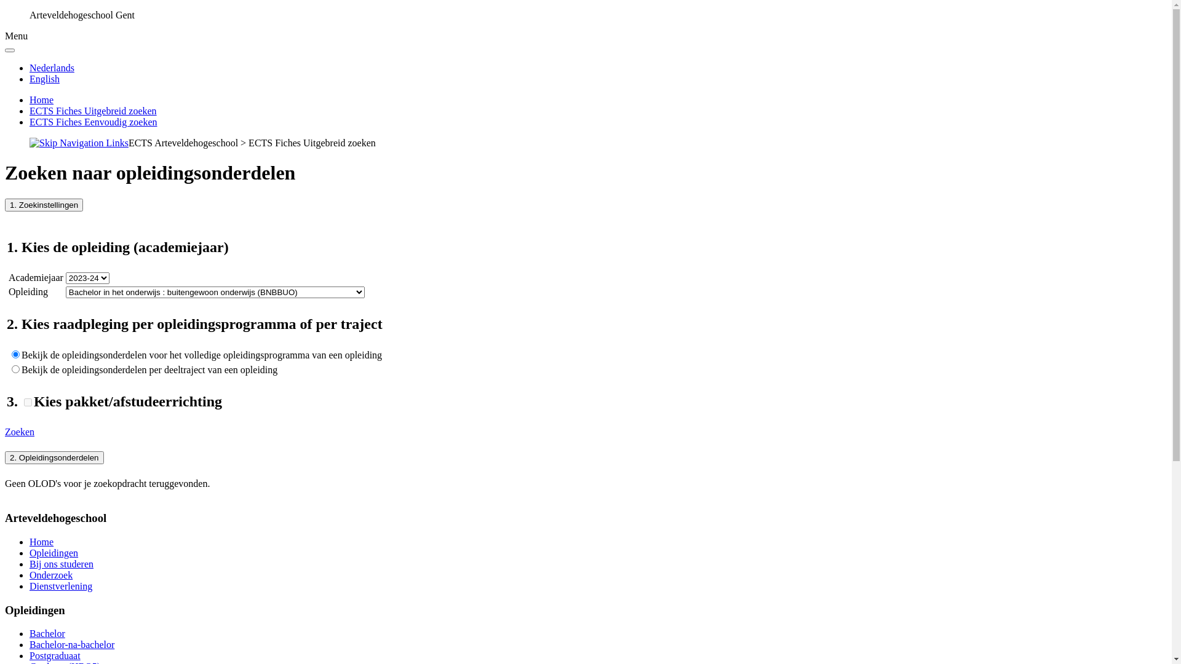 This screenshot has height=664, width=1181. Describe the element at coordinates (93, 122) in the screenshot. I see `'ECTS Fiches Eenvoudig zoeken'` at that location.